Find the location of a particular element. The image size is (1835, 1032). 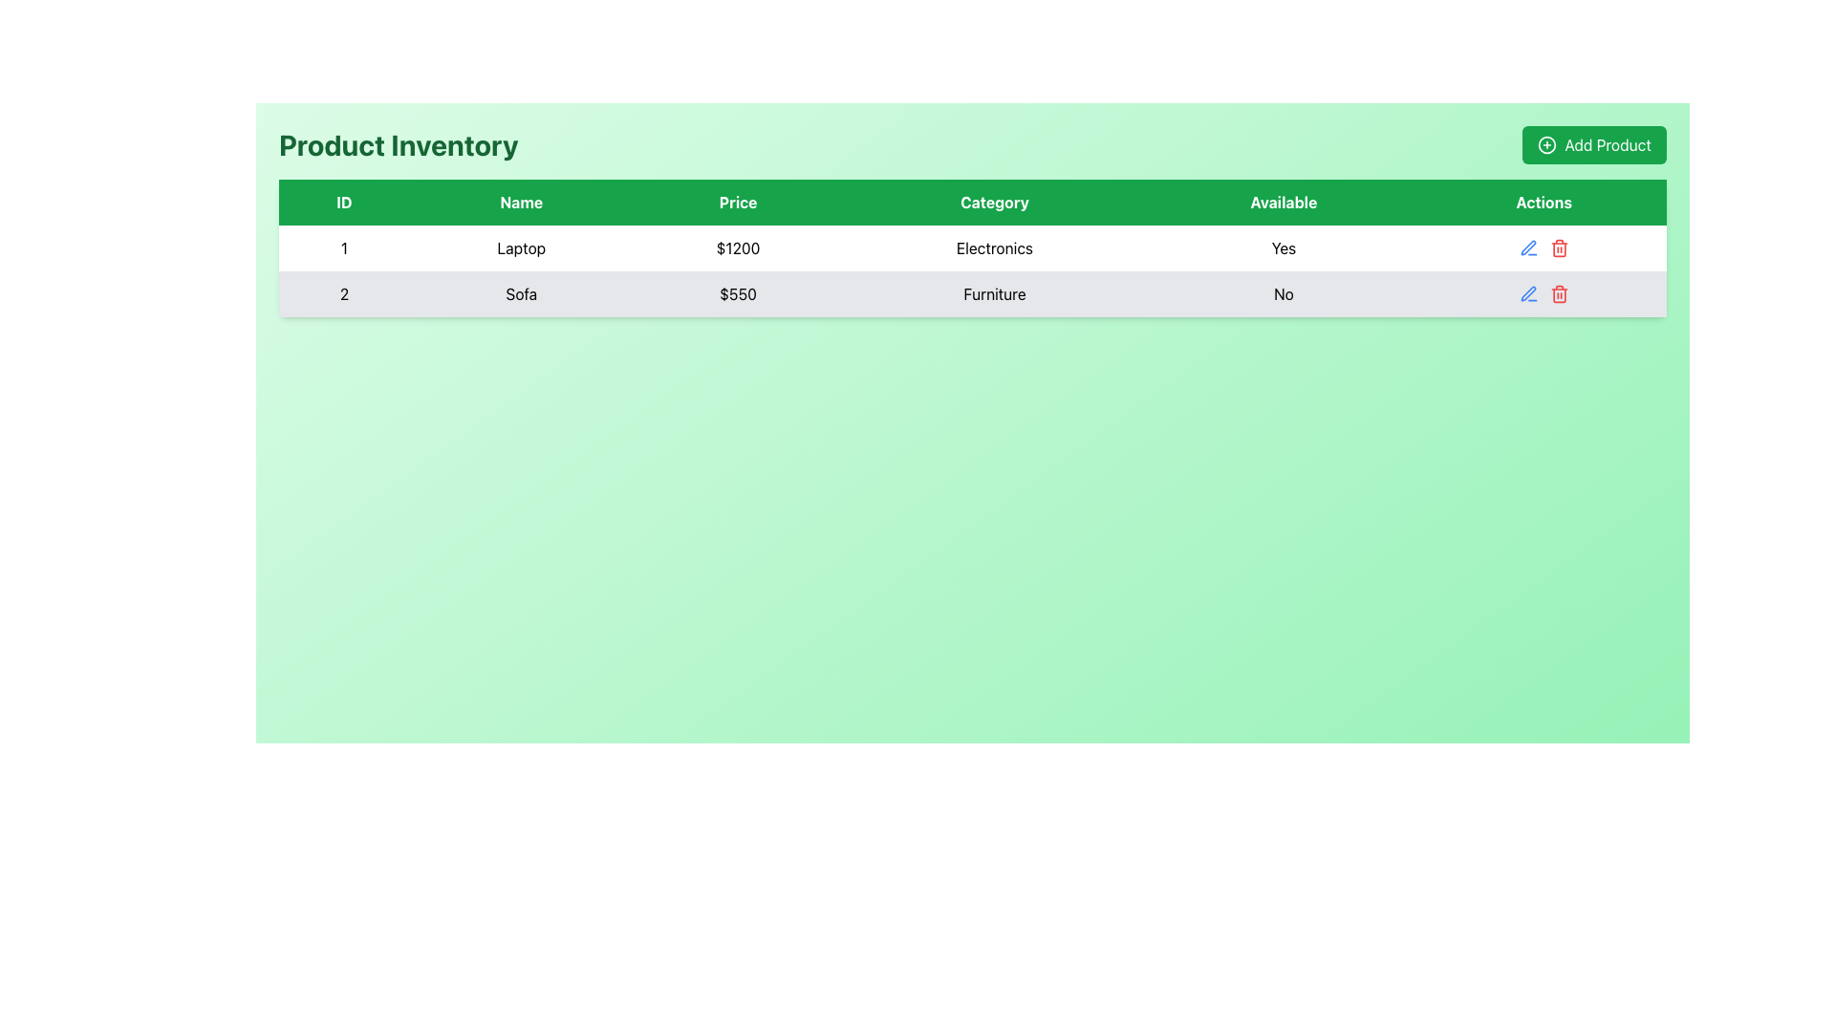

the first data row of the product inventory table is located at coordinates (972, 247).